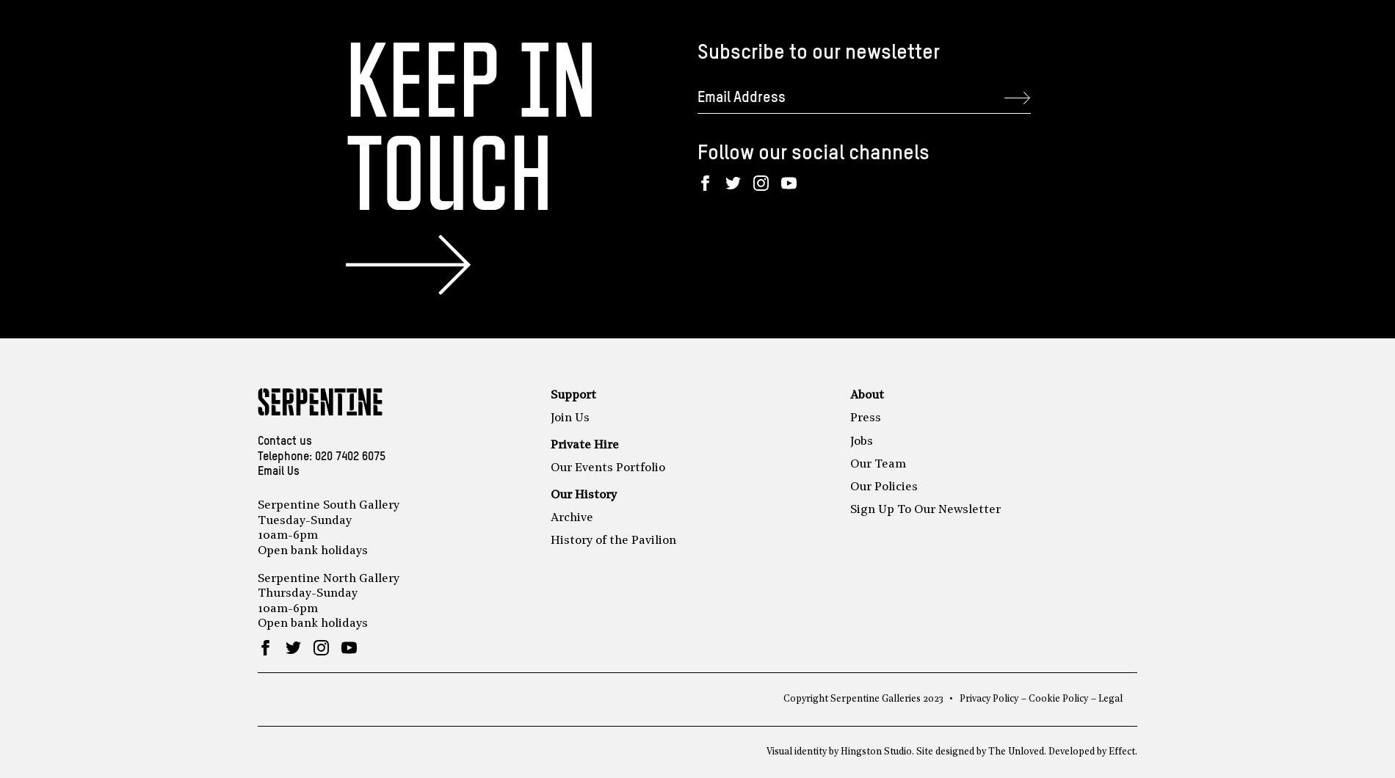  What do you see at coordinates (883, 486) in the screenshot?
I see `'Our Policies'` at bounding box center [883, 486].